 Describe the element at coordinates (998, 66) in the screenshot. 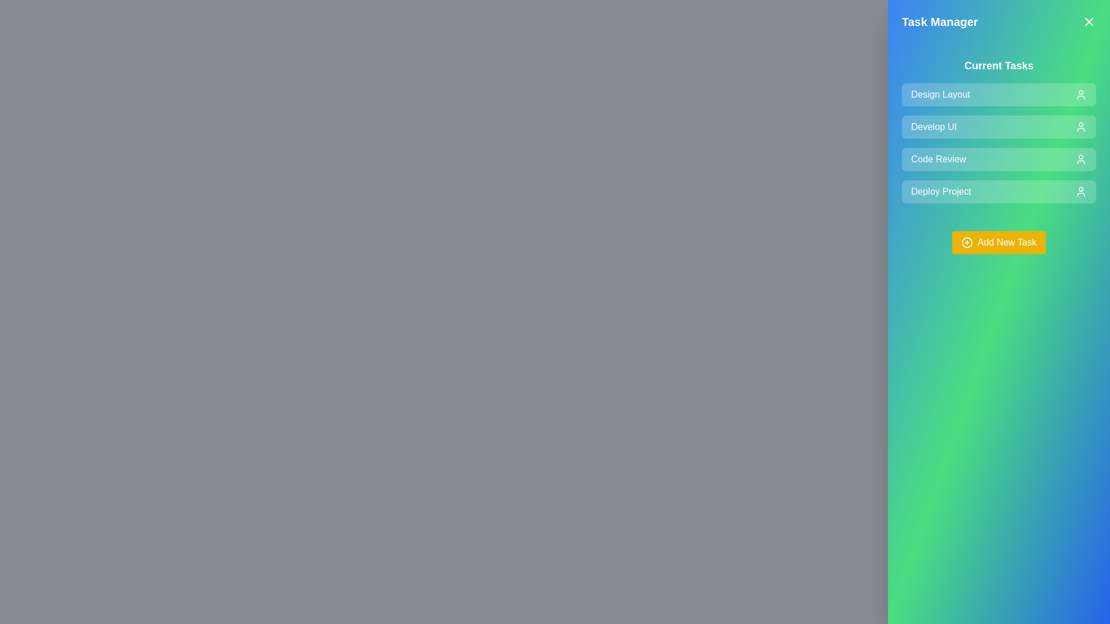

I see `the bold text label 'Current Tasks' which is styled in a large font size on a gradient green-blue background, positioned below the 'Task Manager' header` at that location.